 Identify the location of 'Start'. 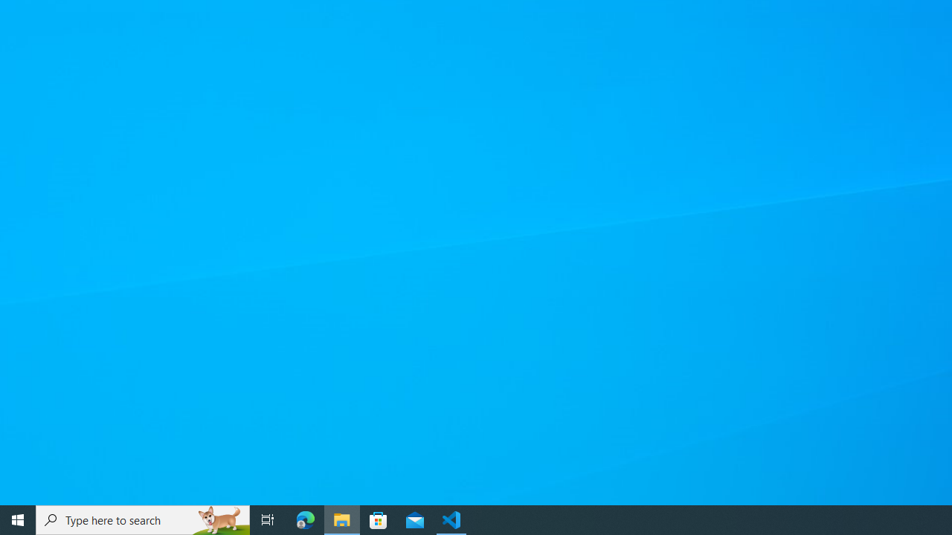
(18, 519).